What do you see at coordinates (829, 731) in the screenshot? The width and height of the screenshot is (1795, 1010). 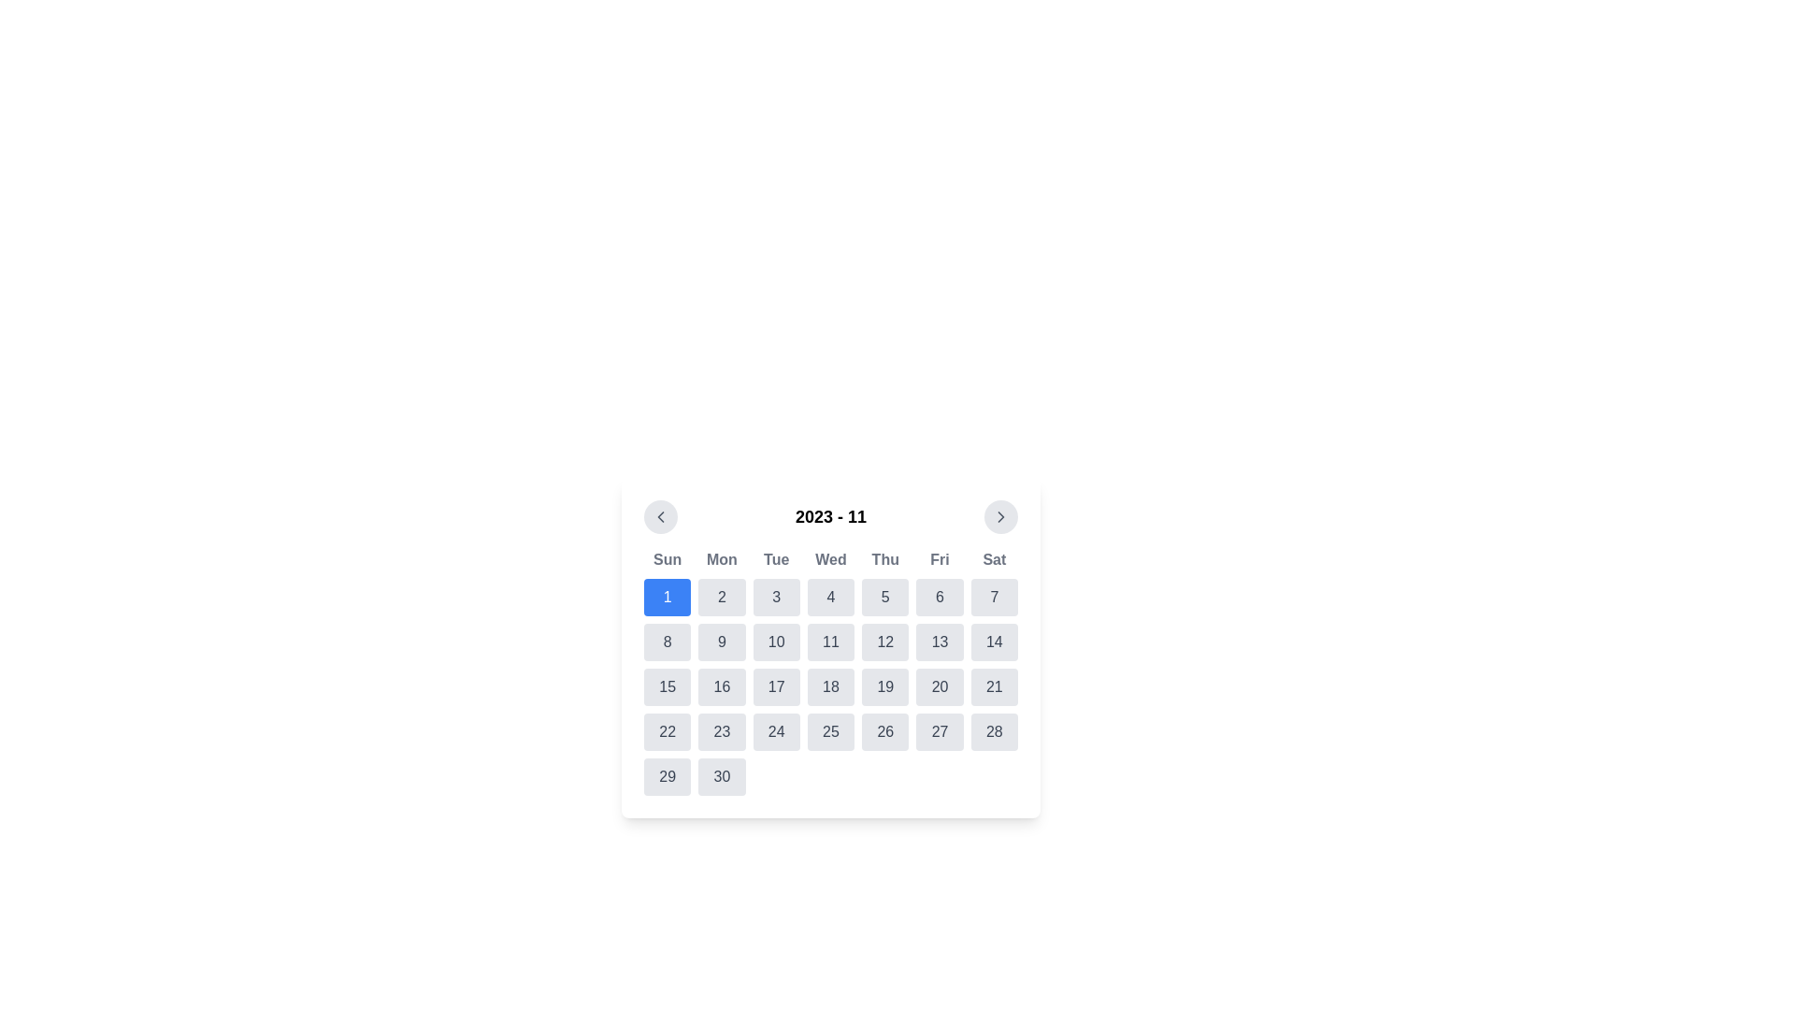 I see `the rounded rectangular button with a light gray background displaying the number '25'` at bounding box center [829, 731].